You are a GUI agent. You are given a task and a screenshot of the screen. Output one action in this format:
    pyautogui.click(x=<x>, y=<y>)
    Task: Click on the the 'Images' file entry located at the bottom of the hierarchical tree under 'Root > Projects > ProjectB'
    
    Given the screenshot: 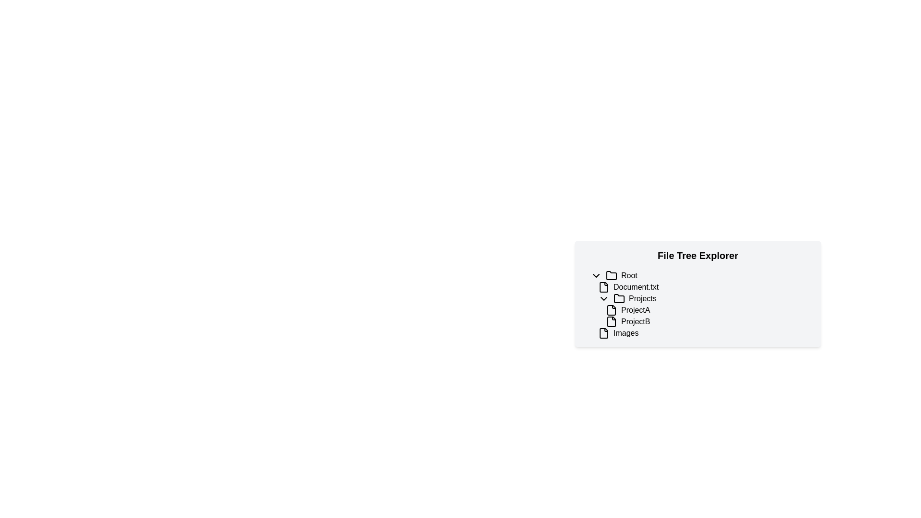 What is the action you would take?
    pyautogui.click(x=705, y=332)
    